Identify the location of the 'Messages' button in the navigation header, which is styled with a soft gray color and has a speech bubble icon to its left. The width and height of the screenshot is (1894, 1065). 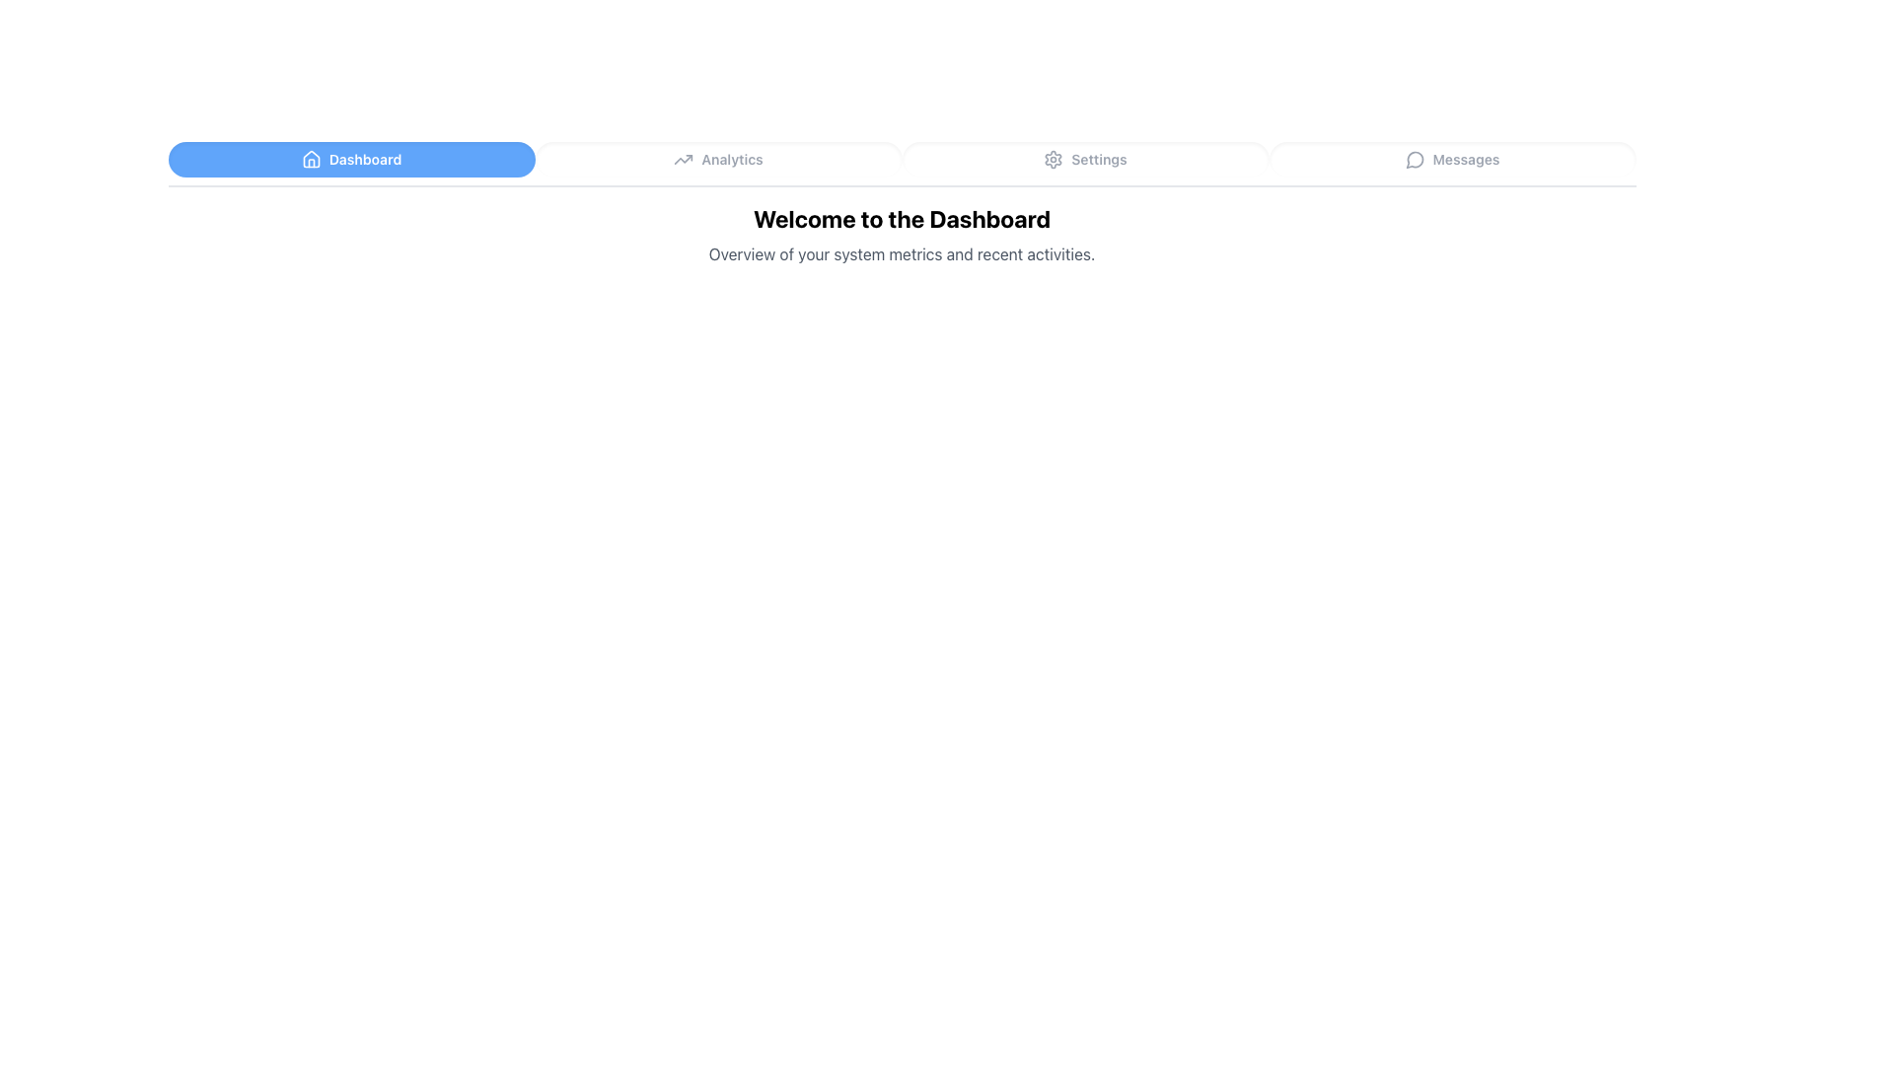
(1452, 159).